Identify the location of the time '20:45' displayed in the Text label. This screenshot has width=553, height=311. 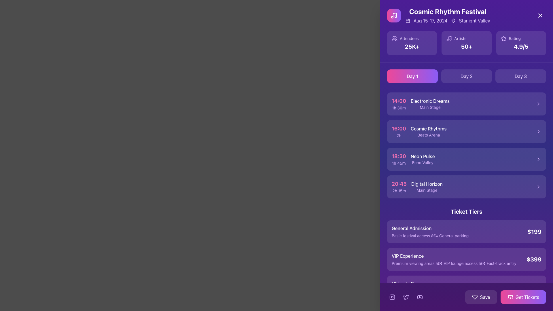
(399, 184).